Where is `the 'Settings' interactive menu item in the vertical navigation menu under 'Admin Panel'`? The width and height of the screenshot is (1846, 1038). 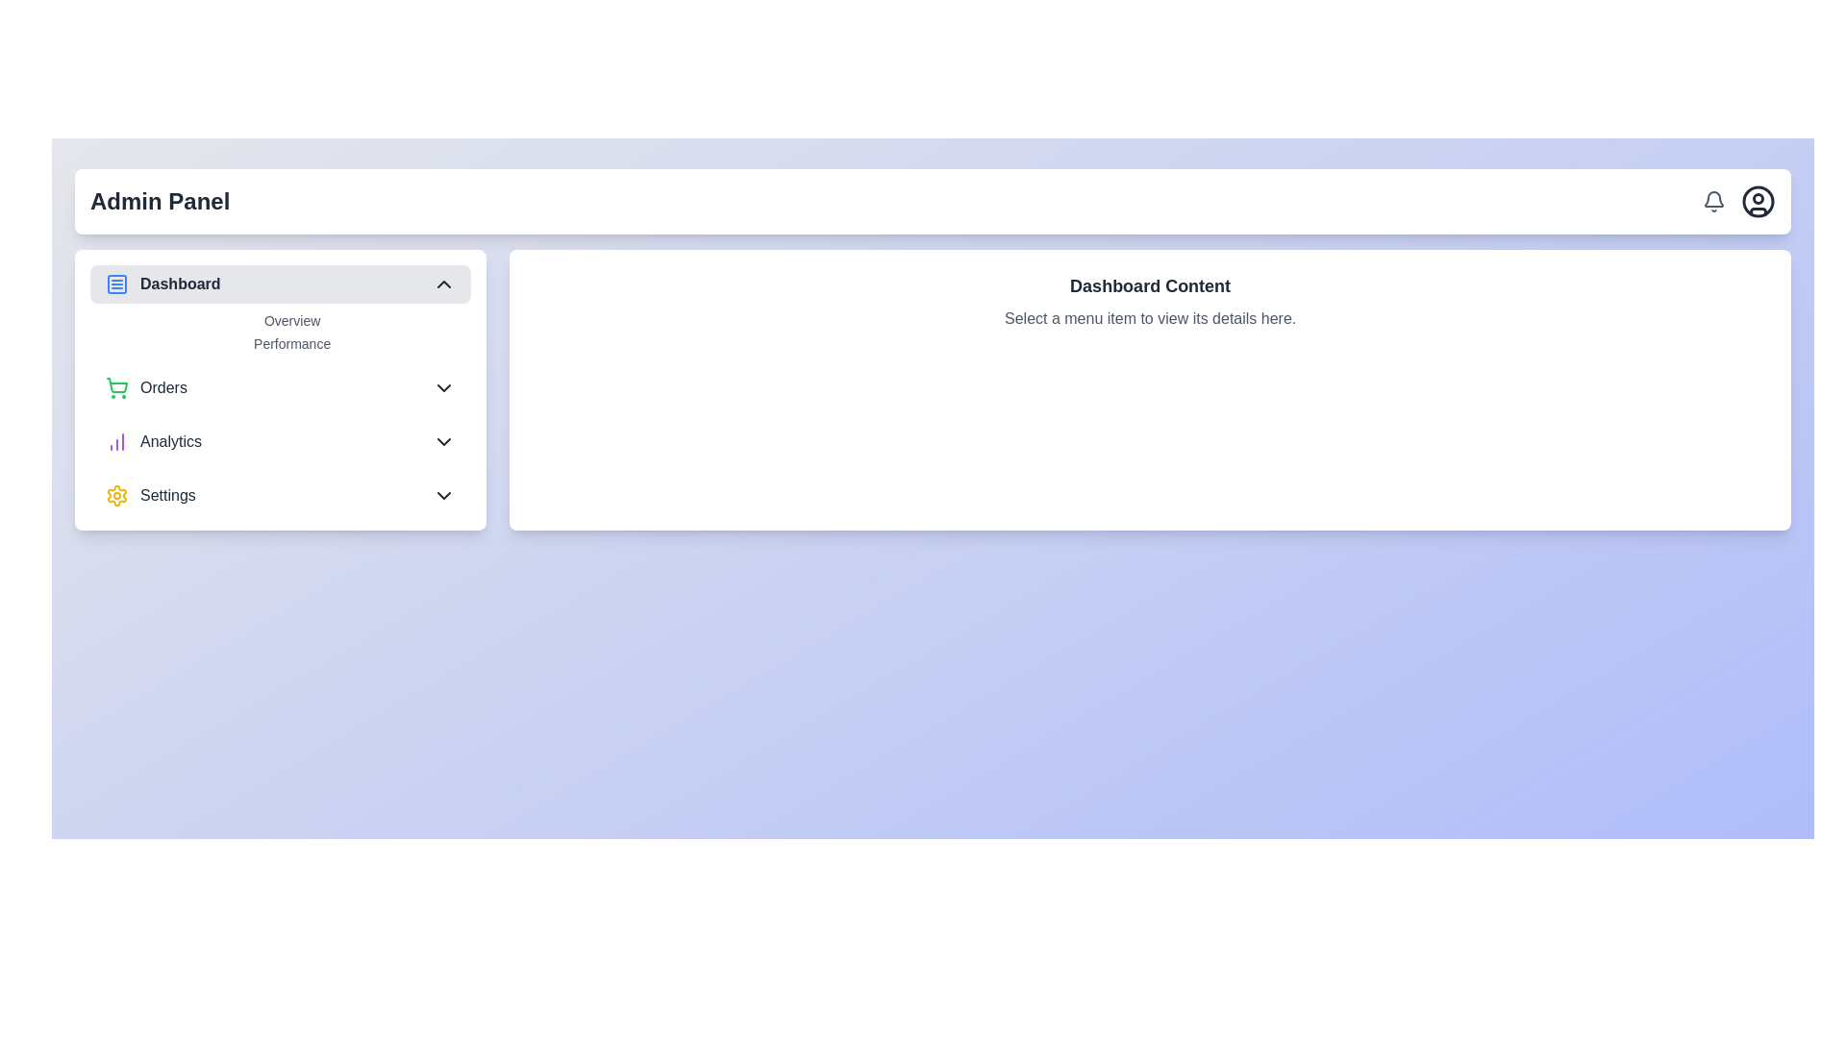 the 'Settings' interactive menu item in the vertical navigation menu under 'Admin Panel' is located at coordinates (280, 495).